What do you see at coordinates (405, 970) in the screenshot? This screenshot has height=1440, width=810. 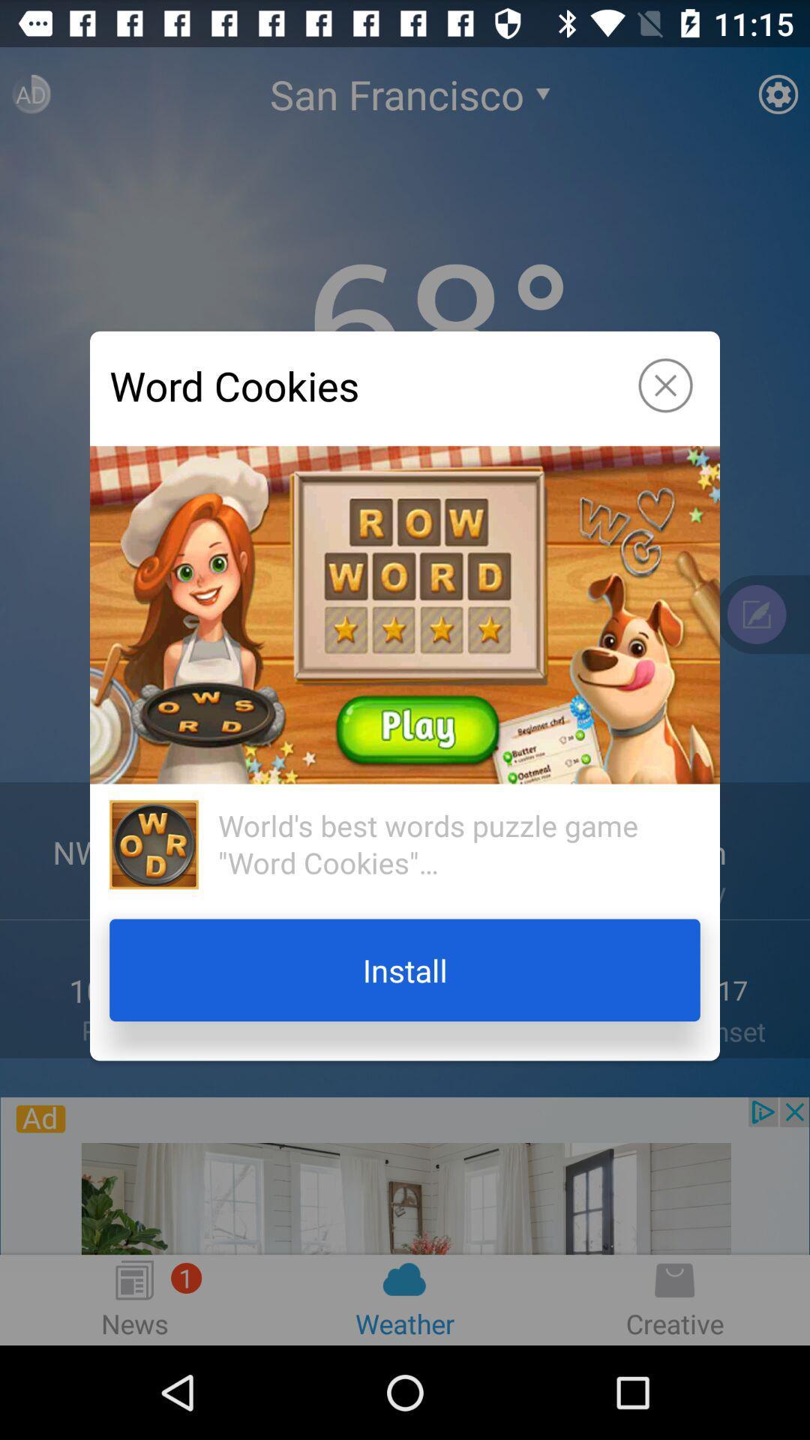 I see `the app at the bottom` at bounding box center [405, 970].